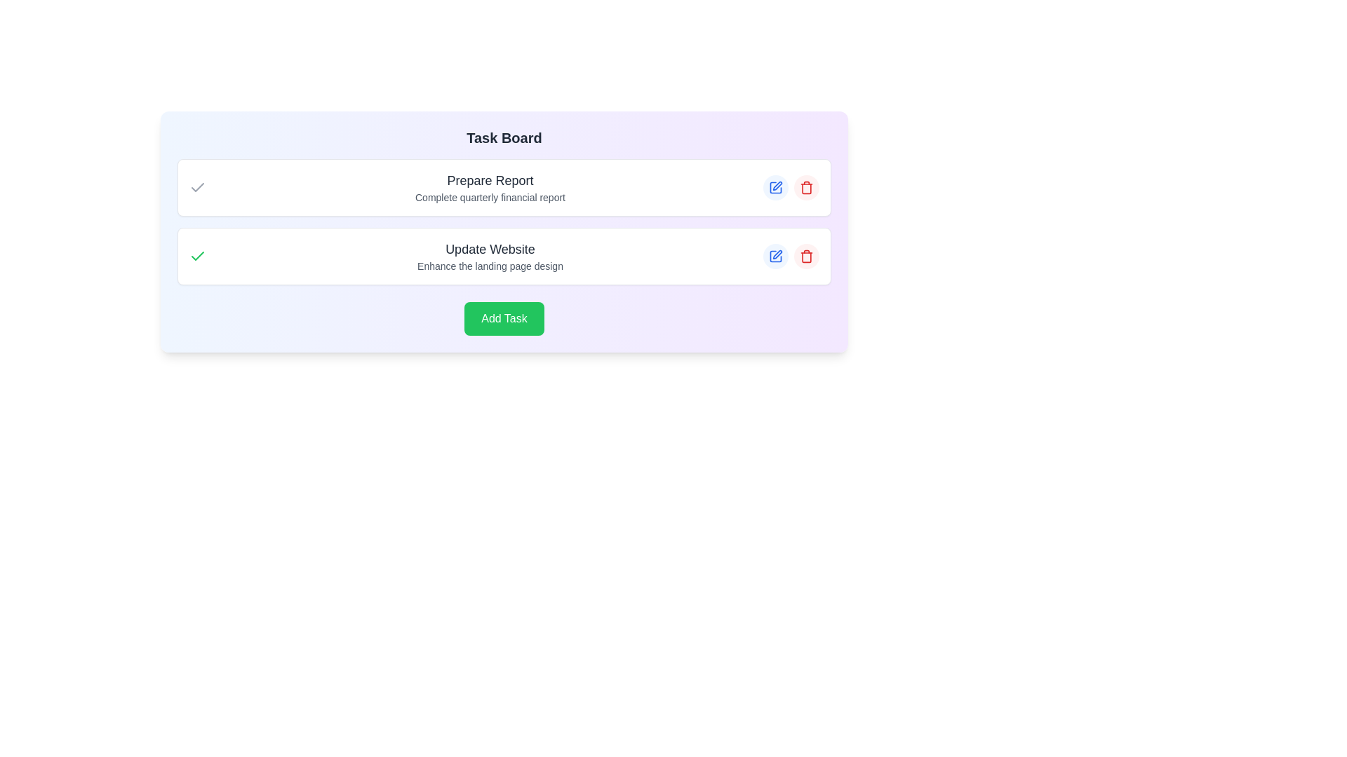 This screenshot has width=1347, height=757. I want to click on on the text block displaying the title and description of the task 'Update Website' located in the second task card of the task board, so click(490, 257).